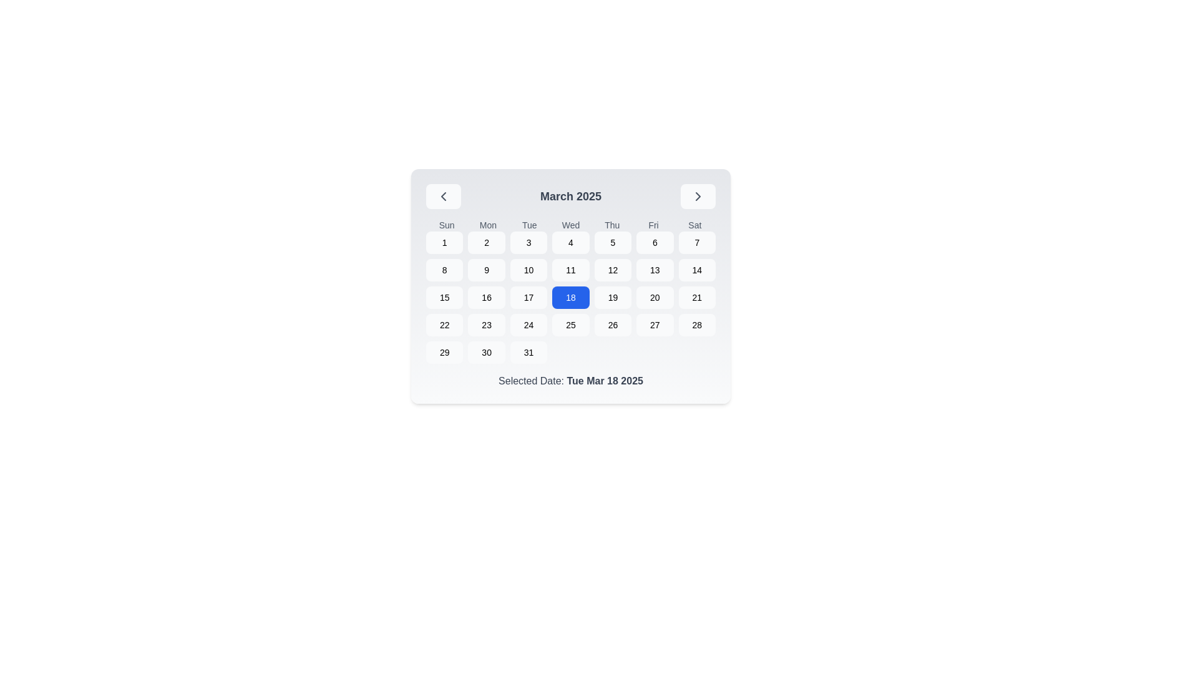  I want to click on the calendar date button labeled '20' to select and confirm the date, so click(654, 298).